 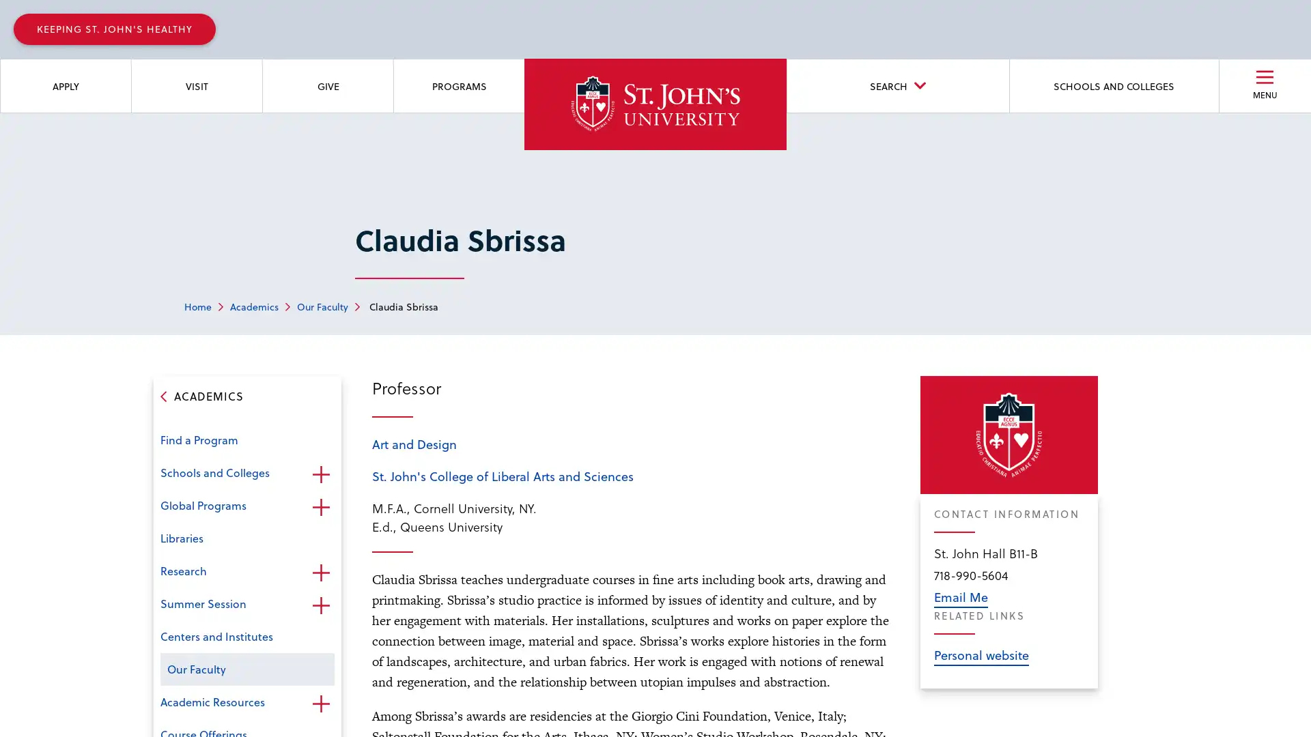 I want to click on Open the sub-menu, so click(x=320, y=573).